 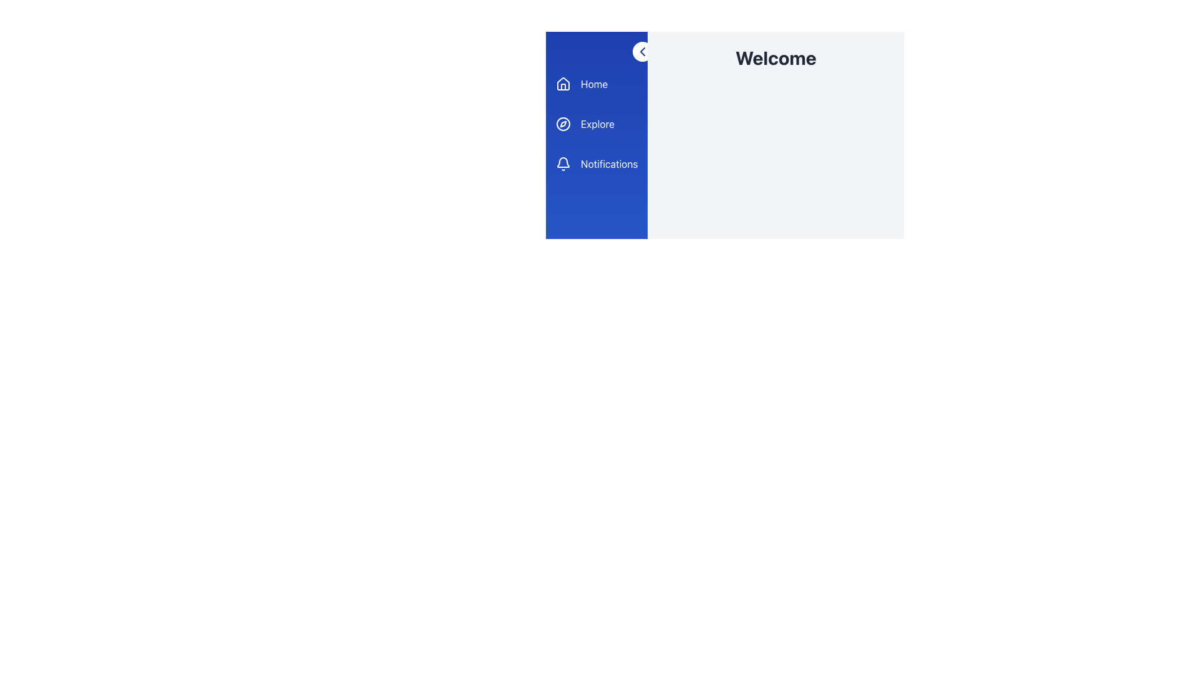 What do you see at coordinates (597, 124) in the screenshot?
I see `the 'Explore' label in the vertical navigation menu located on the left side of the interface, positioned between 'Home' and 'Notifications'` at bounding box center [597, 124].